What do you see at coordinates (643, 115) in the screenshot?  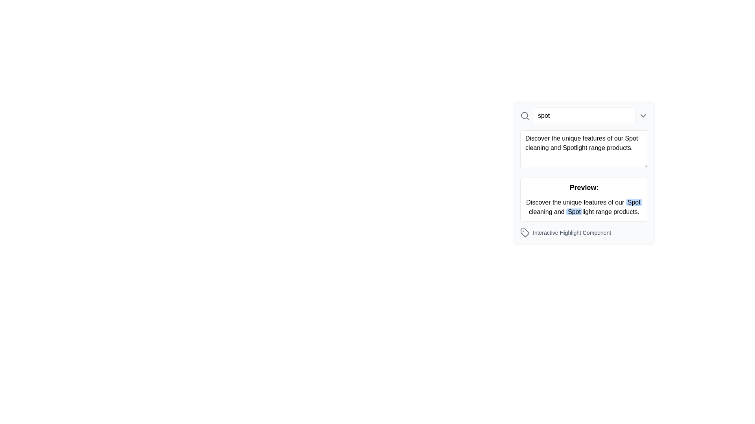 I see `the downward chevron icon, which is a triangular arrow pointing downwards` at bounding box center [643, 115].